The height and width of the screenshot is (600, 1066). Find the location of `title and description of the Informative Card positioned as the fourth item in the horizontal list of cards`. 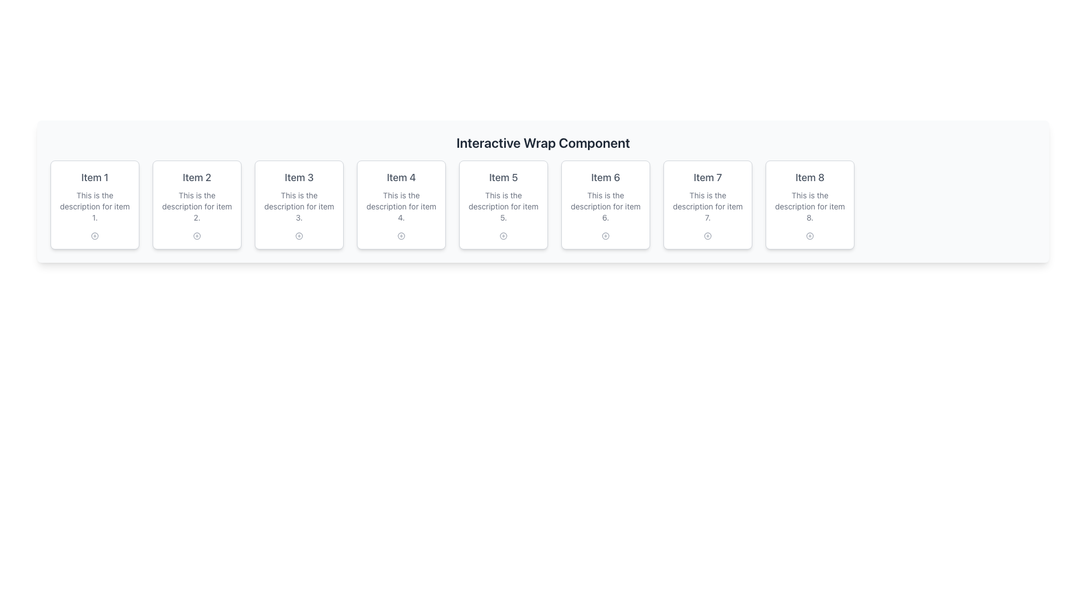

title and description of the Informative Card positioned as the fourth item in the horizontal list of cards is located at coordinates (401, 205).